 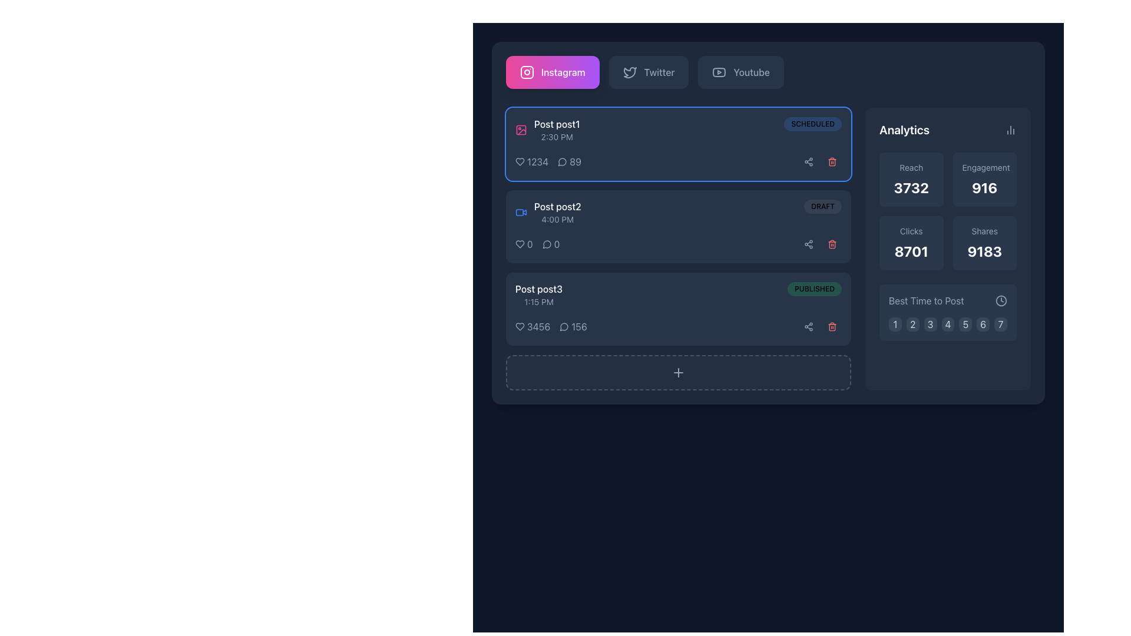 I want to click on the 'Engagement' metric value displayed on the informational card located in the 'Analytics' section, specifically the number '916', so click(x=984, y=179).